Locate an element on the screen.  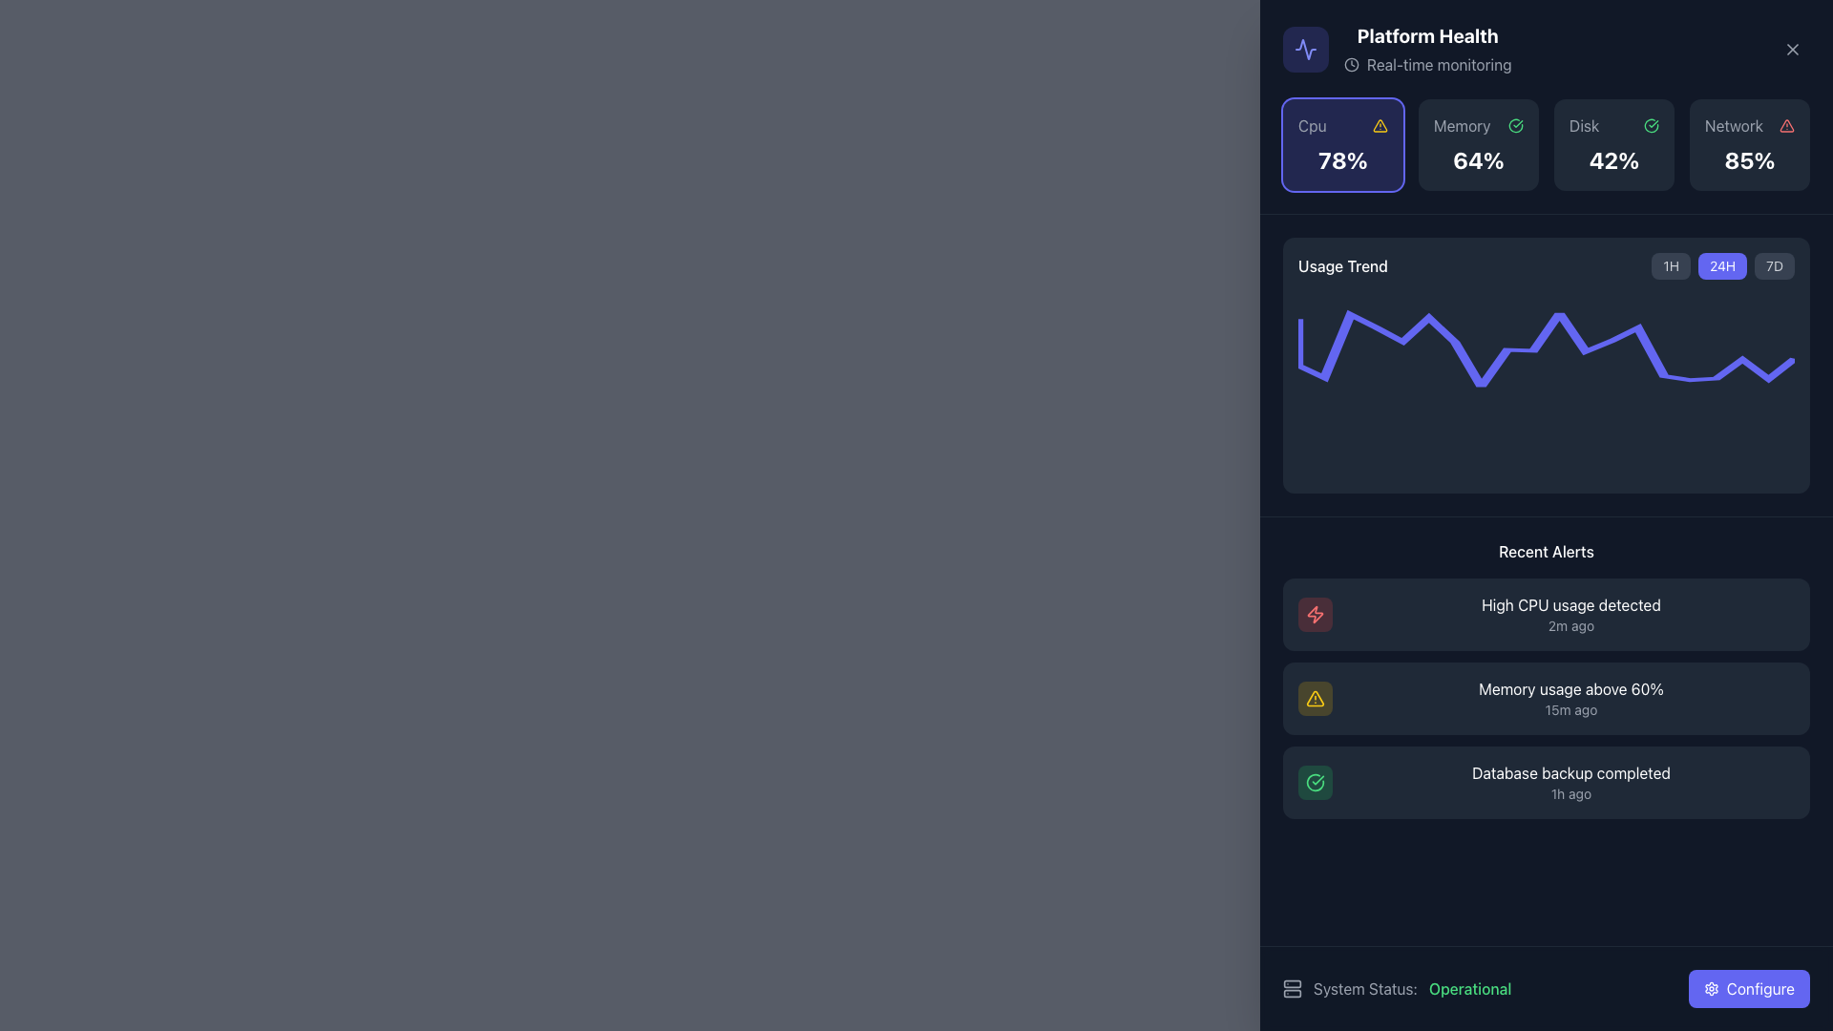
system status information from the Status bar displaying 'System Status: Operational' and the 'Configure' button located at the bottom-right of the interface is located at coordinates (1547, 988).